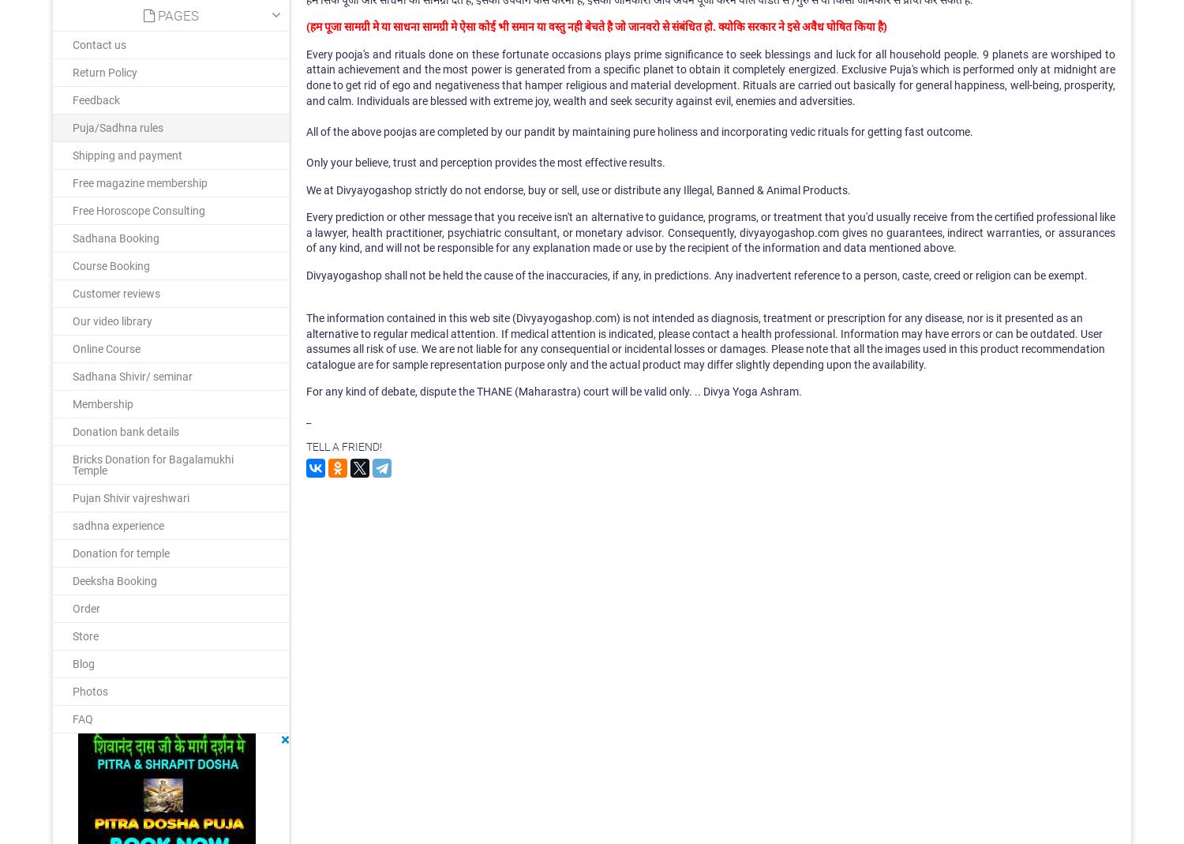  Describe the element at coordinates (71, 237) in the screenshot. I see `'Sadhana Booking'` at that location.